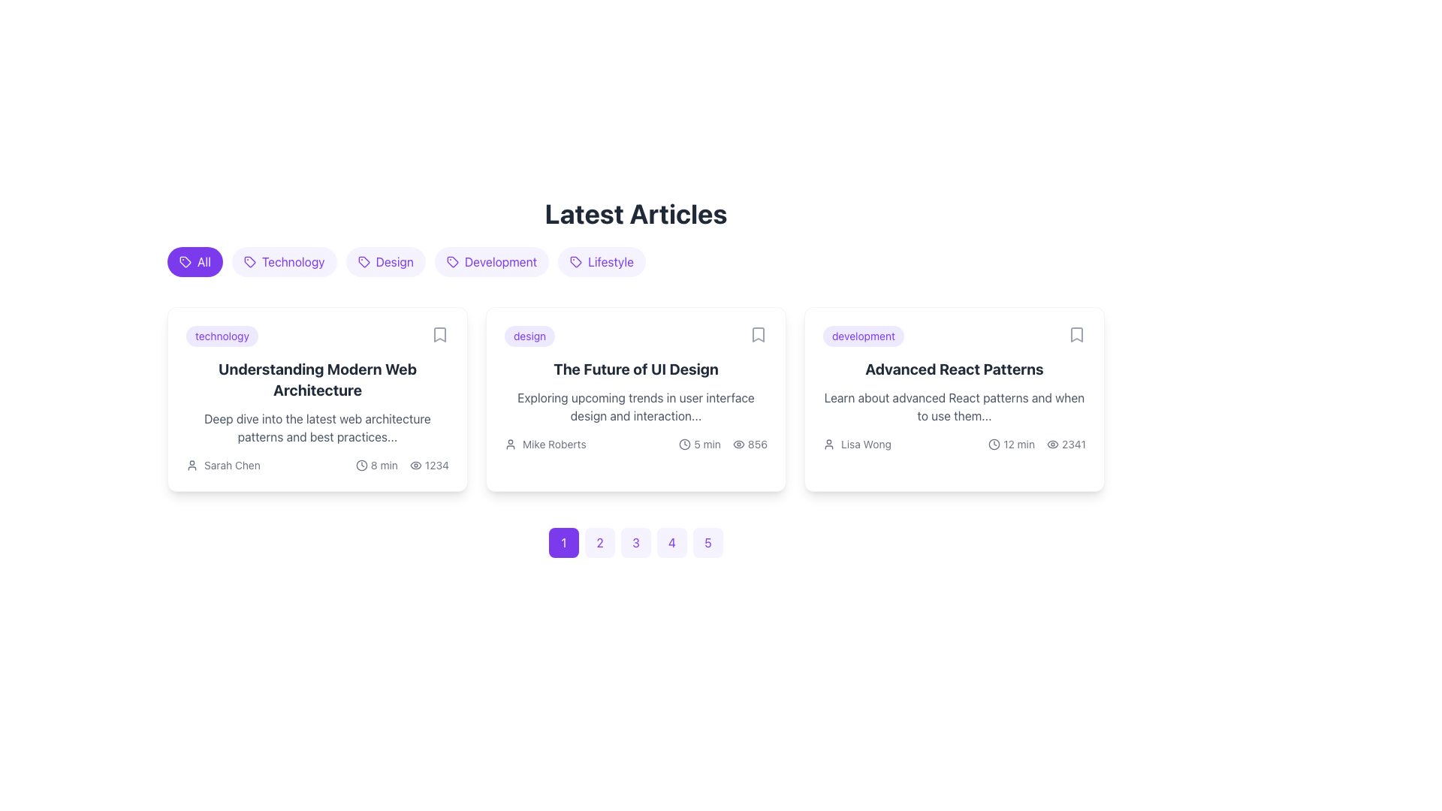 The image size is (1442, 811). I want to click on the view icon located in the meta-information row of the second article card, which is positioned to the left of the view count '856', so click(738, 443).